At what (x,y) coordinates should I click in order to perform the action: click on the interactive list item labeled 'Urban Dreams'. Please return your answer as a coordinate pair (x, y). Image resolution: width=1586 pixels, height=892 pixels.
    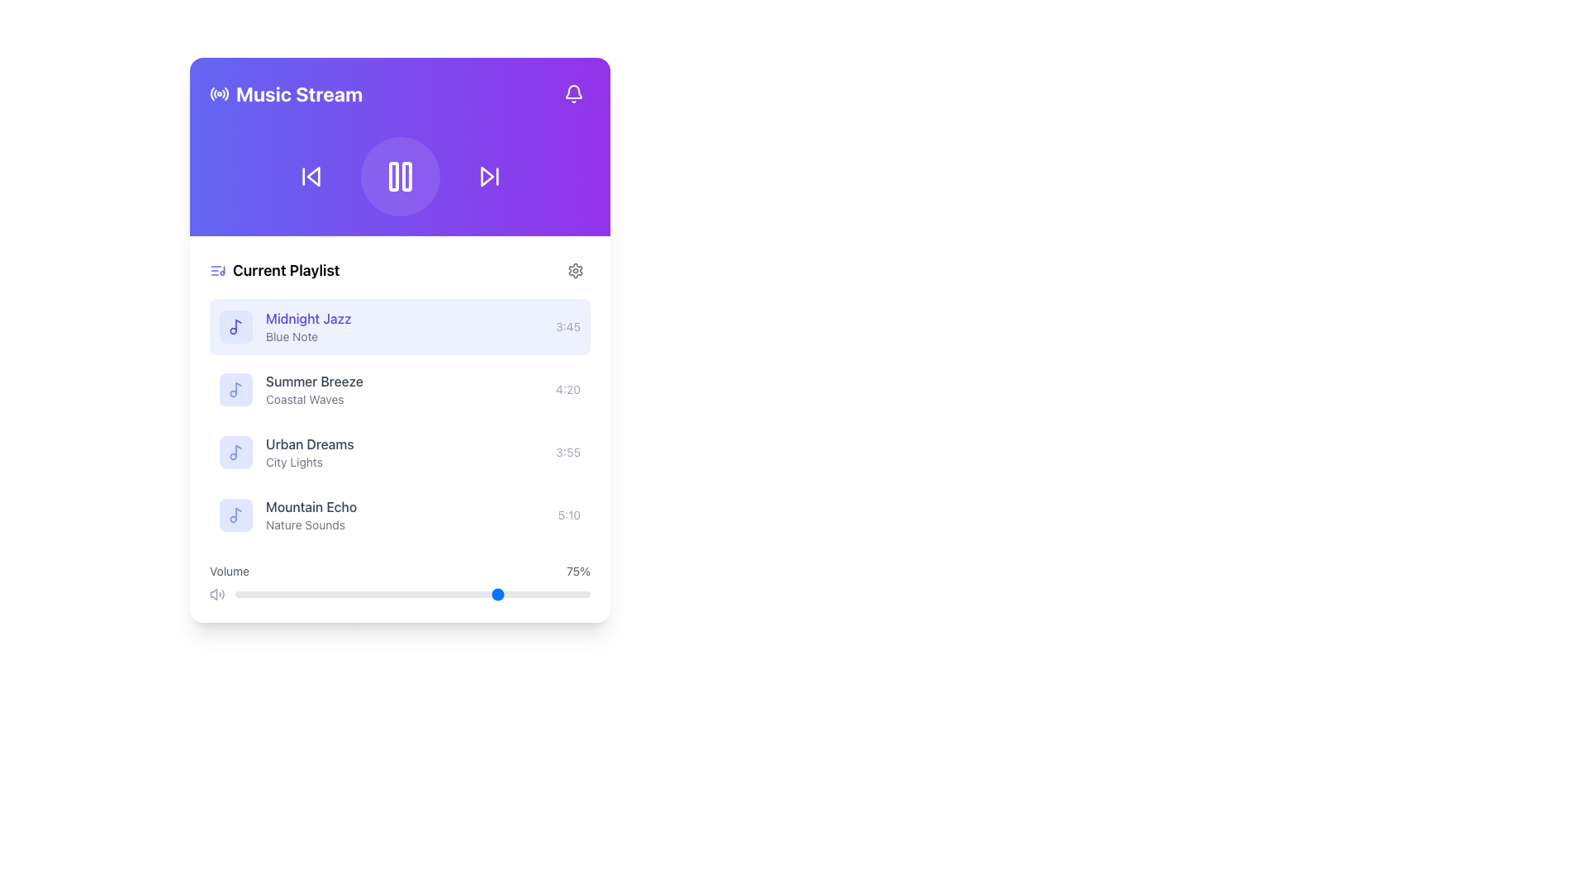
    Looking at the image, I should click on (400, 452).